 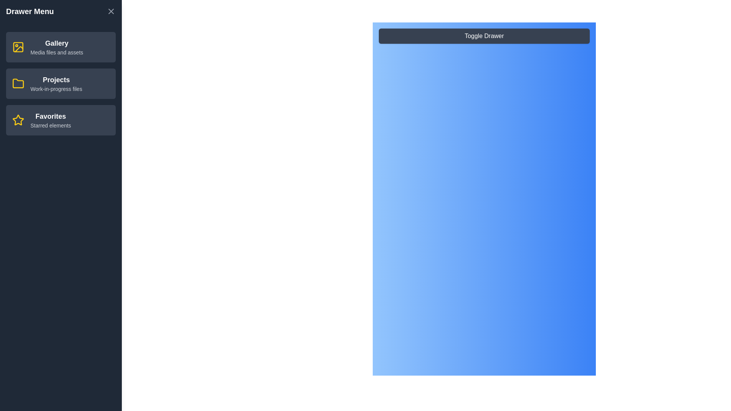 I want to click on the menu item Favorites to highlight it, so click(x=60, y=120).